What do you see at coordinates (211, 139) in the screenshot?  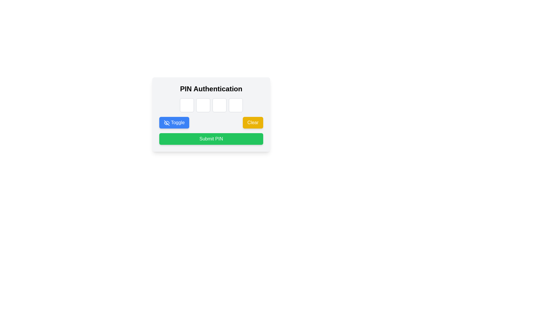 I see `the submit button located below the PIN input fields` at bounding box center [211, 139].